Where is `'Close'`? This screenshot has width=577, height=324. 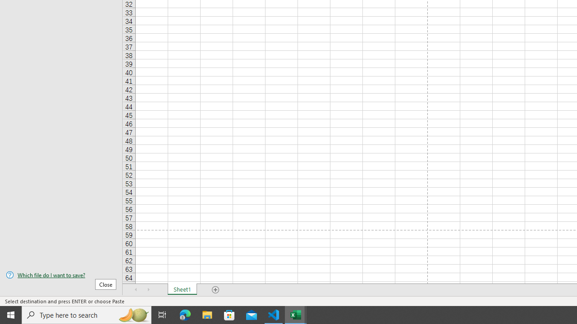 'Close' is located at coordinates (105, 284).